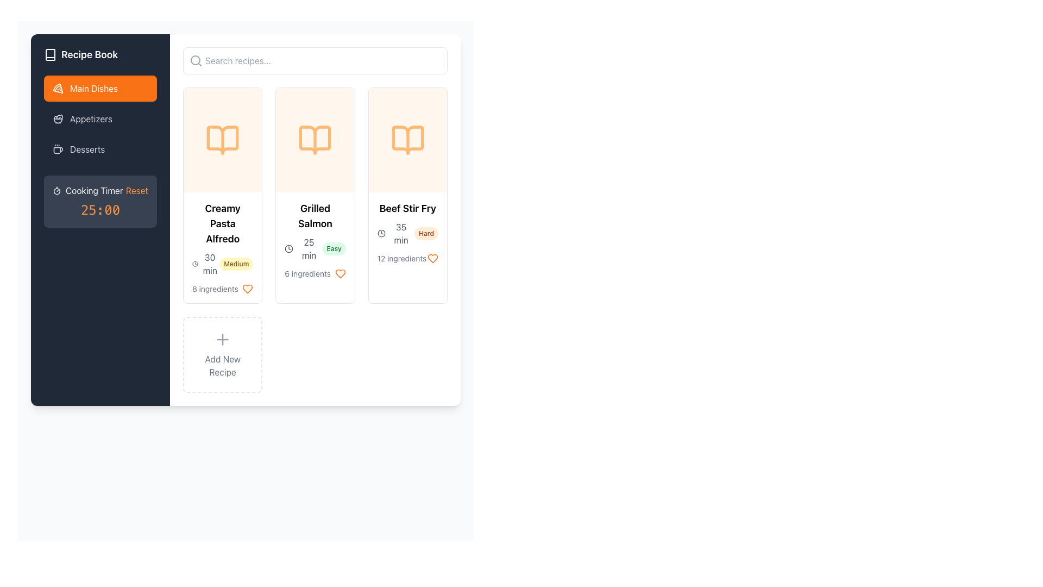 Image resolution: width=1043 pixels, height=587 pixels. I want to click on the 'Desserts' navigation link, which is the third item in the vertical menu on the left, so click(100, 149).